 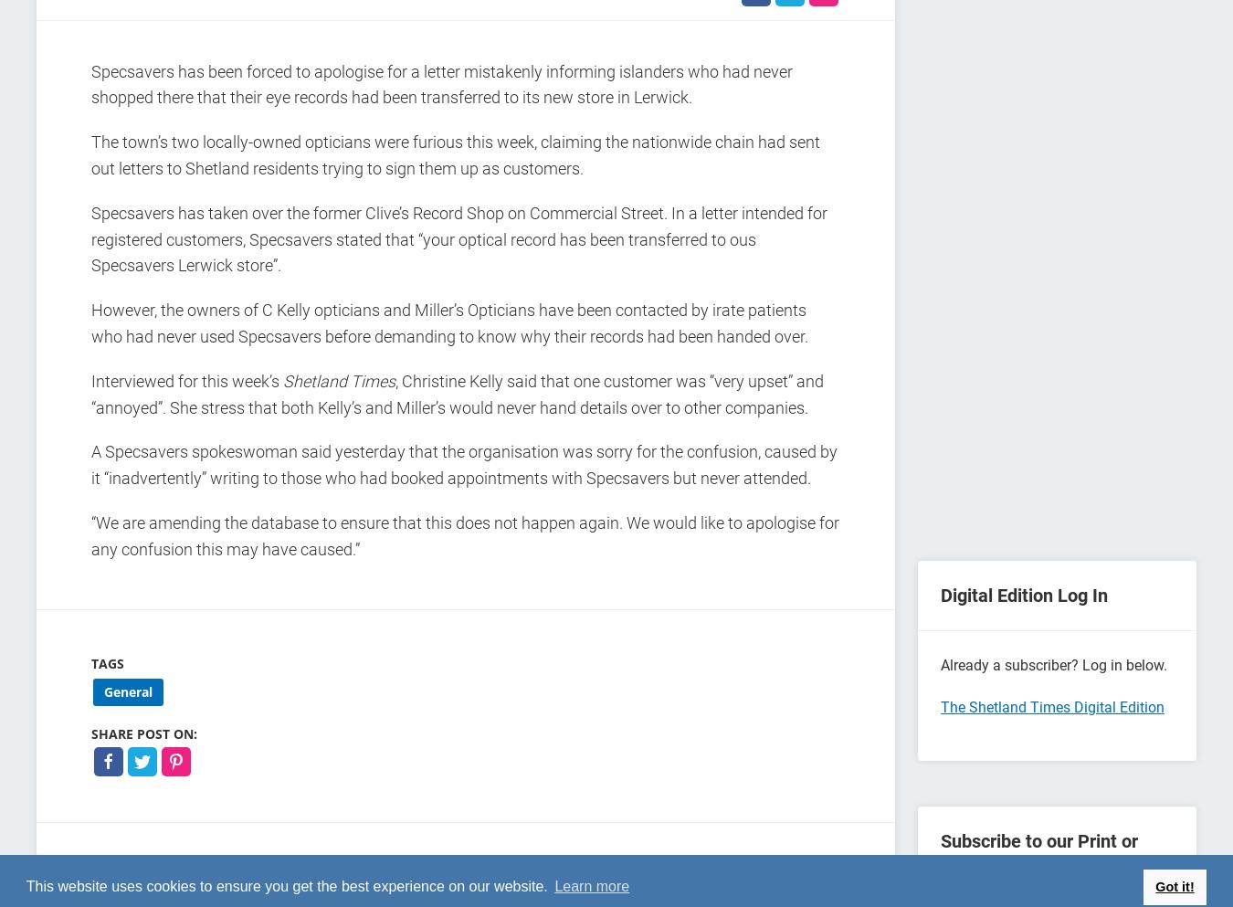 I want to click on ', Christine Kelly said that one customer was “very upset” and “annoyed”. She stress that both Kelly’s and Miller’s would never hand details over to other companies.', so click(x=90, y=393).